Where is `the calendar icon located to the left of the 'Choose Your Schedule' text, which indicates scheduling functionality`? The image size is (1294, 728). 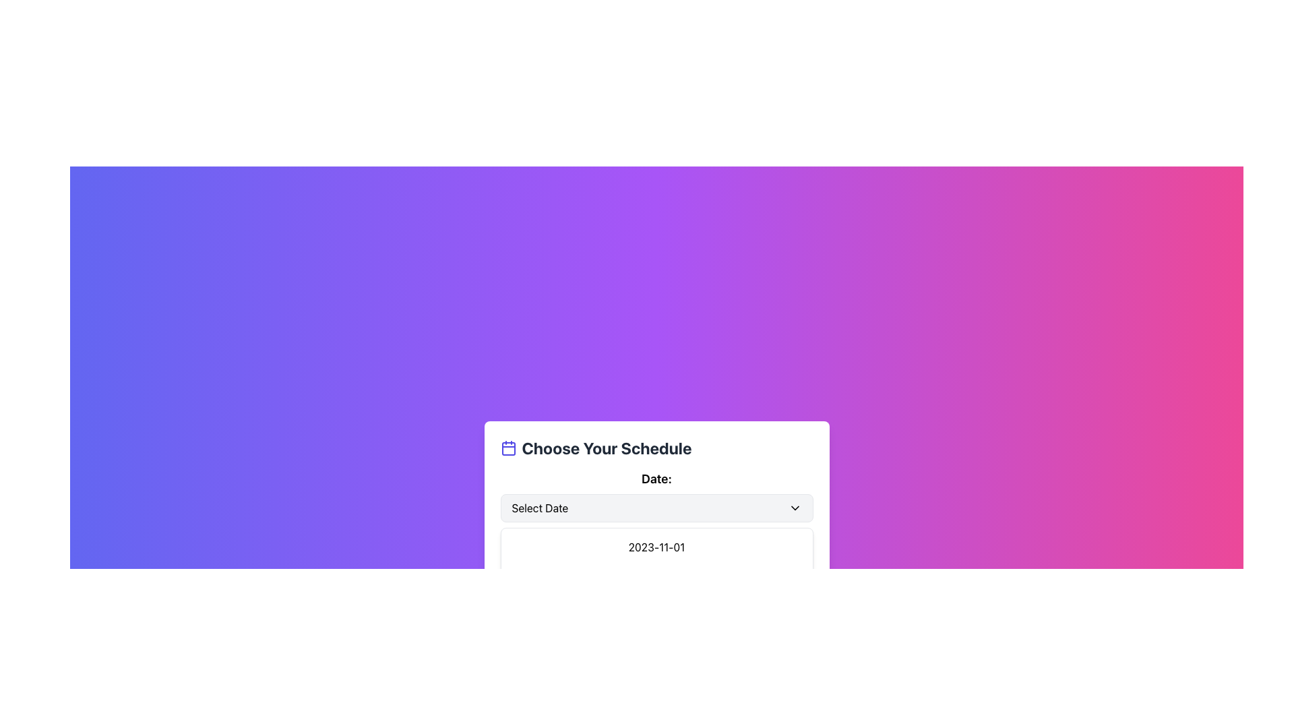
the calendar icon located to the left of the 'Choose Your Schedule' text, which indicates scheduling functionality is located at coordinates (507, 448).